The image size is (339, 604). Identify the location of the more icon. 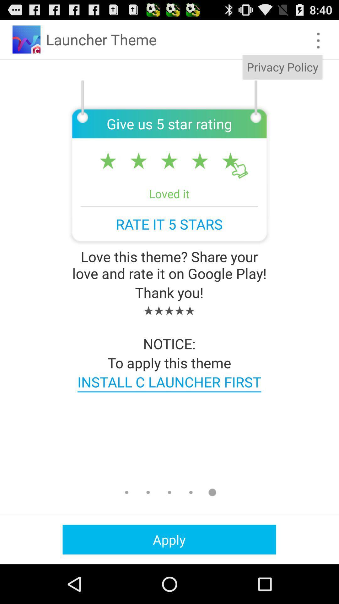
(318, 43).